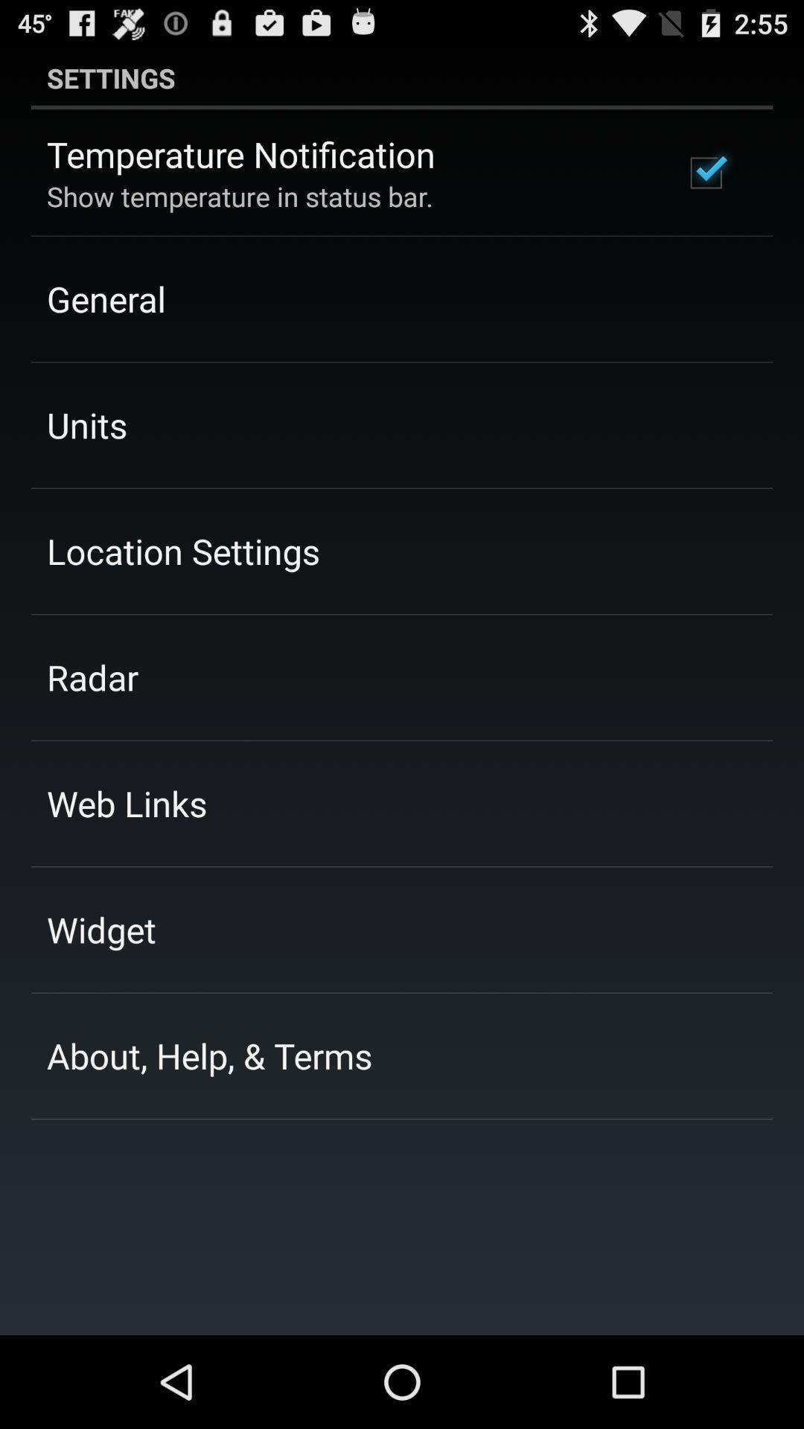  Describe the element at coordinates (105, 298) in the screenshot. I see `item above units` at that location.